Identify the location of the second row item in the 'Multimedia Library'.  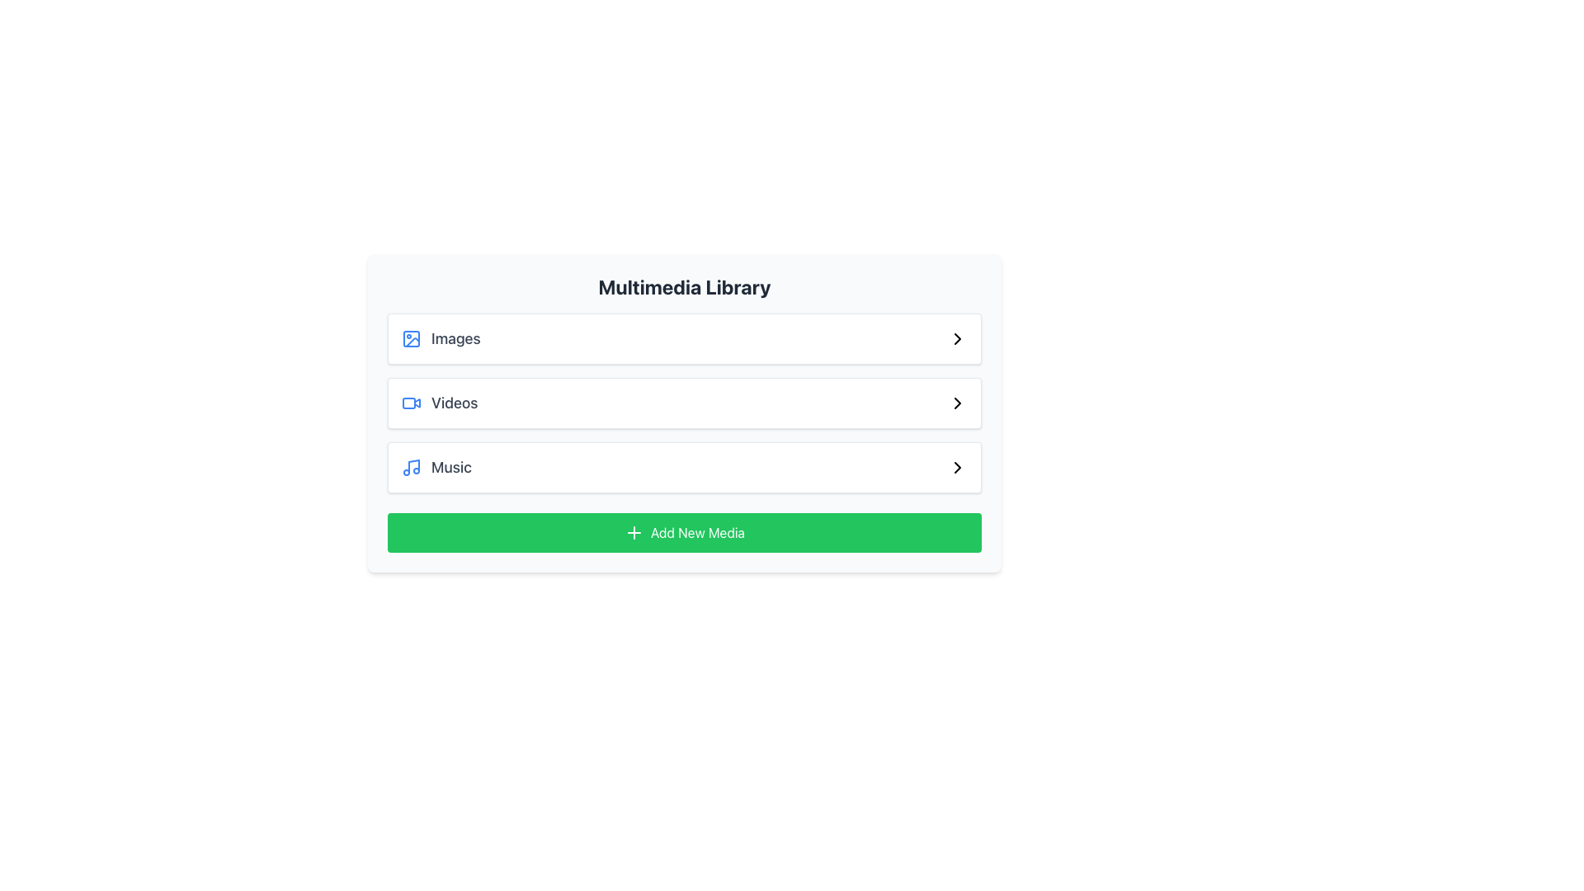
(440, 403).